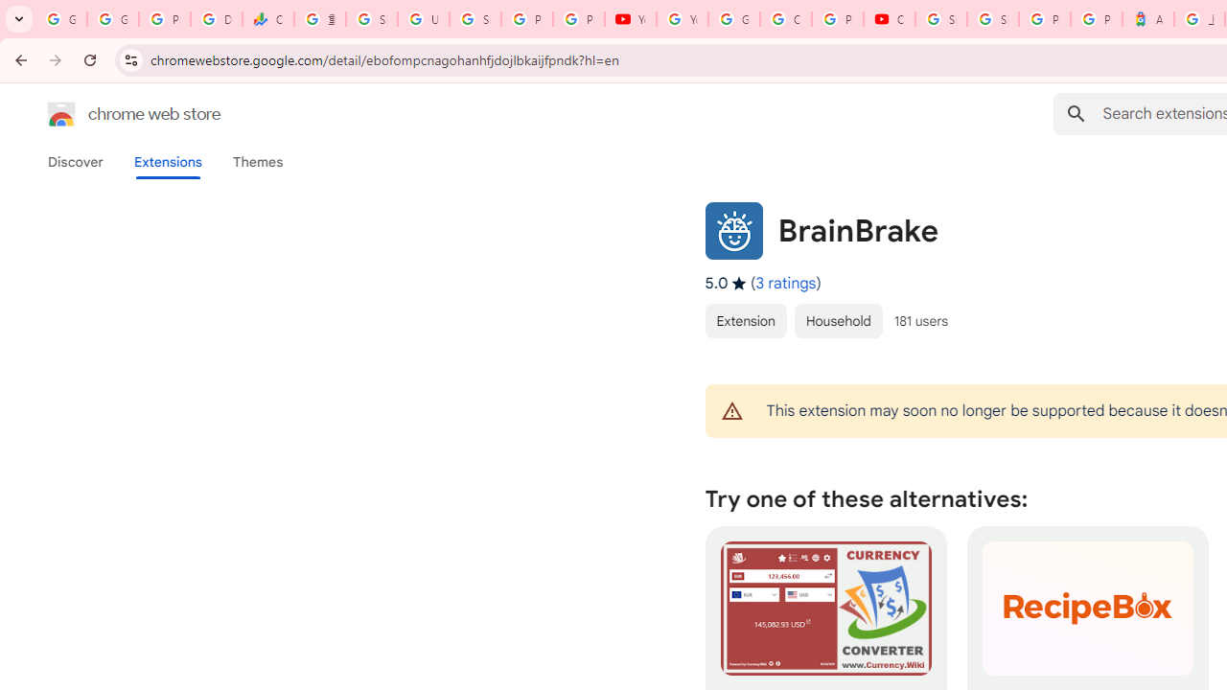 The width and height of the screenshot is (1227, 690). What do you see at coordinates (1148, 19) in the screenshot?
I see `'Atour Hotel - Google hotels'` at bounding box center [1148, 19].